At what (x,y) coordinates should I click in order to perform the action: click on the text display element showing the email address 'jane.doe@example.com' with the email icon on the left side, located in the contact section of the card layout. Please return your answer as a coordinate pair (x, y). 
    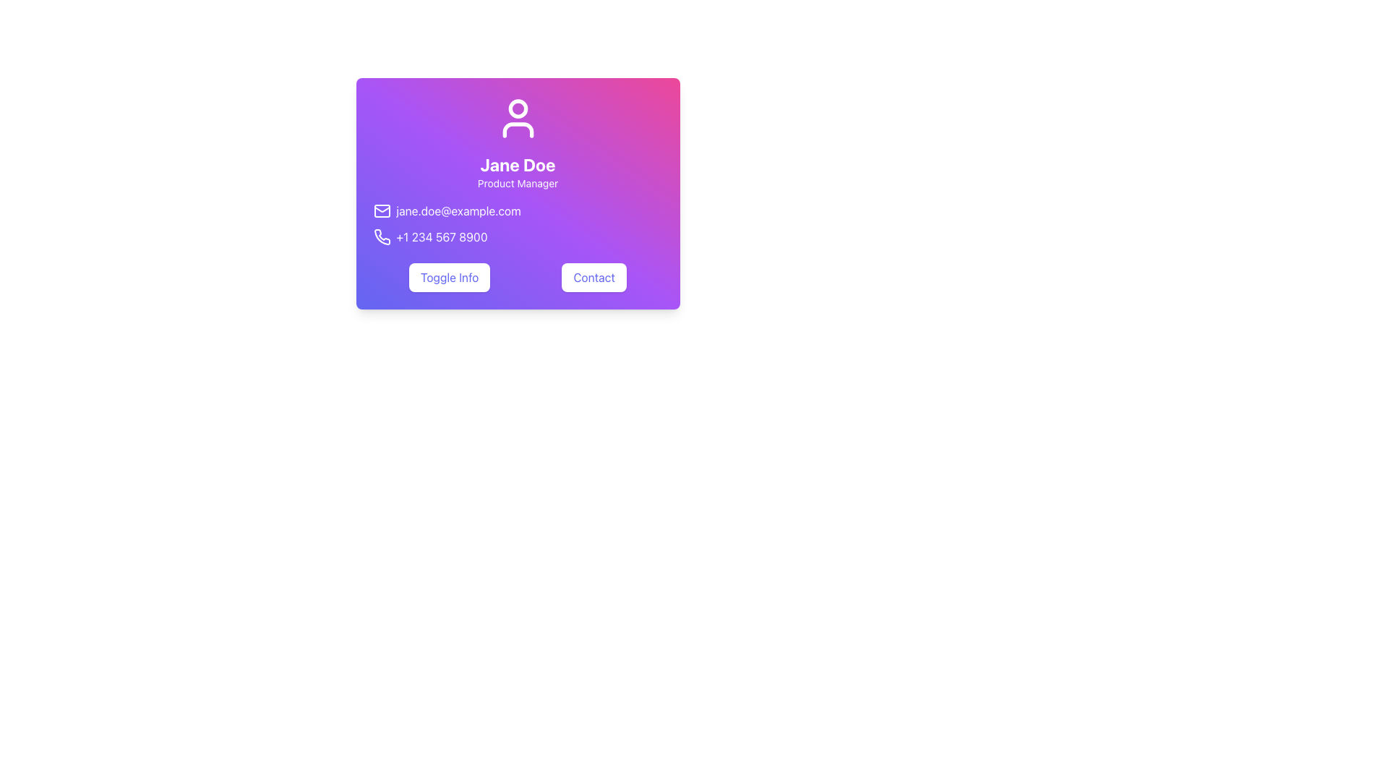
    Looking at the image, I should click on (518, 211).